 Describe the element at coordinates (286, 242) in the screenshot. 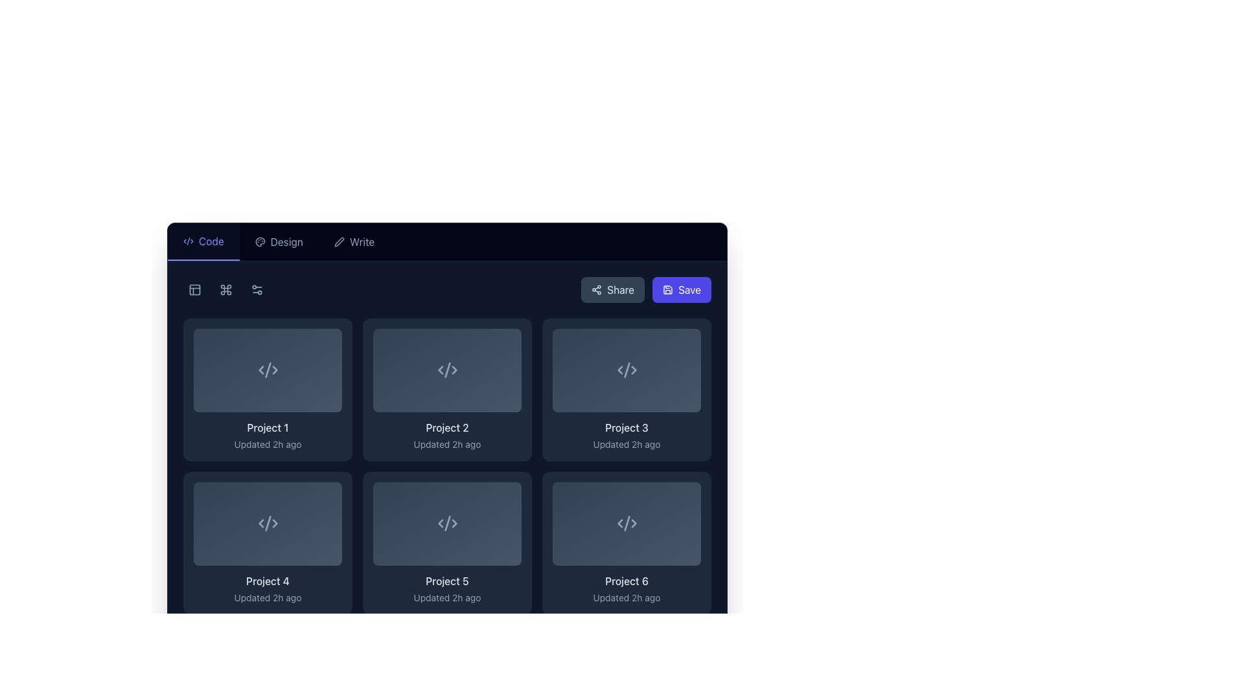

I see `the 'Design' text label in the horizontal navigation menu` at that location.